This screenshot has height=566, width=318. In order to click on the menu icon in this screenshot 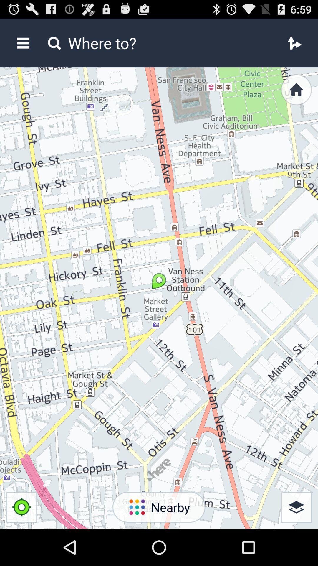, I will do `click(23, 45)`.